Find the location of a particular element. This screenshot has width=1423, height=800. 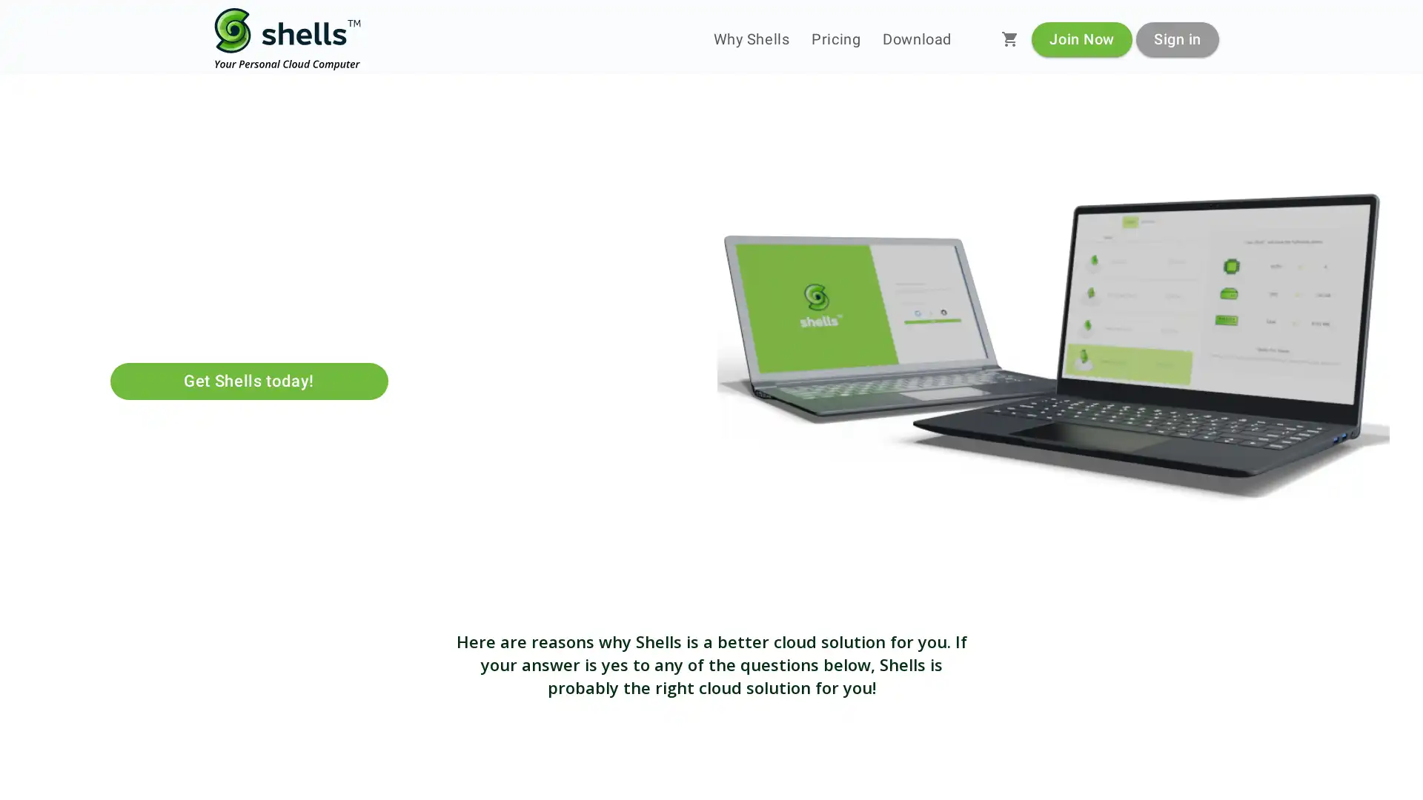

cart is located at coordinates (1009, 39).